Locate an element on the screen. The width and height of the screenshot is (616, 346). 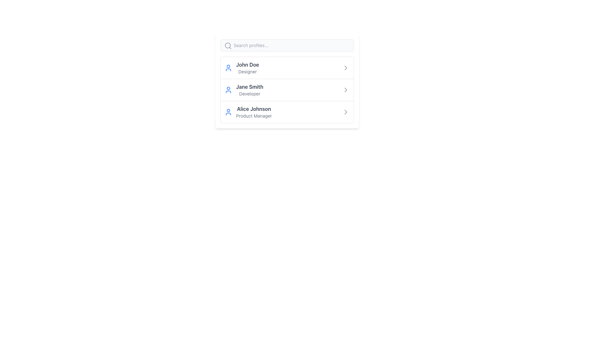
the profile icon for Jane Smith to trigger auxiliary actions related to the profile is located at coordinates (228, 90).